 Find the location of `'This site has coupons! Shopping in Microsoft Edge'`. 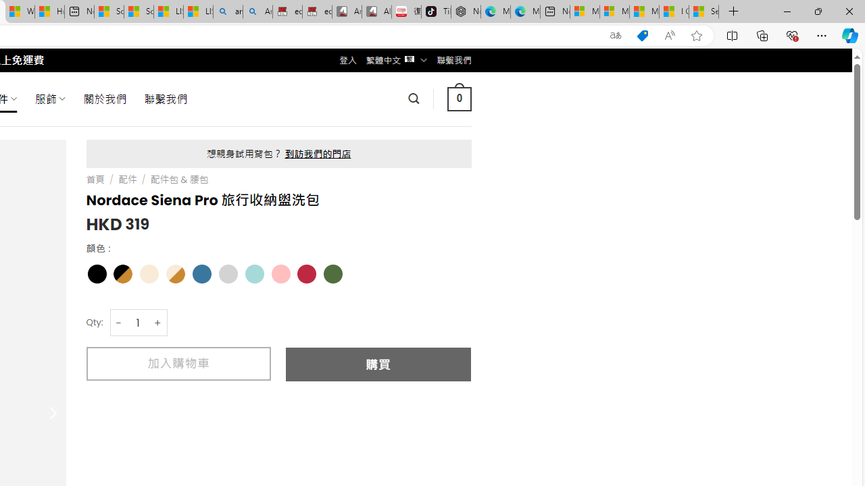

'This site has coupons! Shopping in Microsoft Edge' is located at coordinates (642, 35).